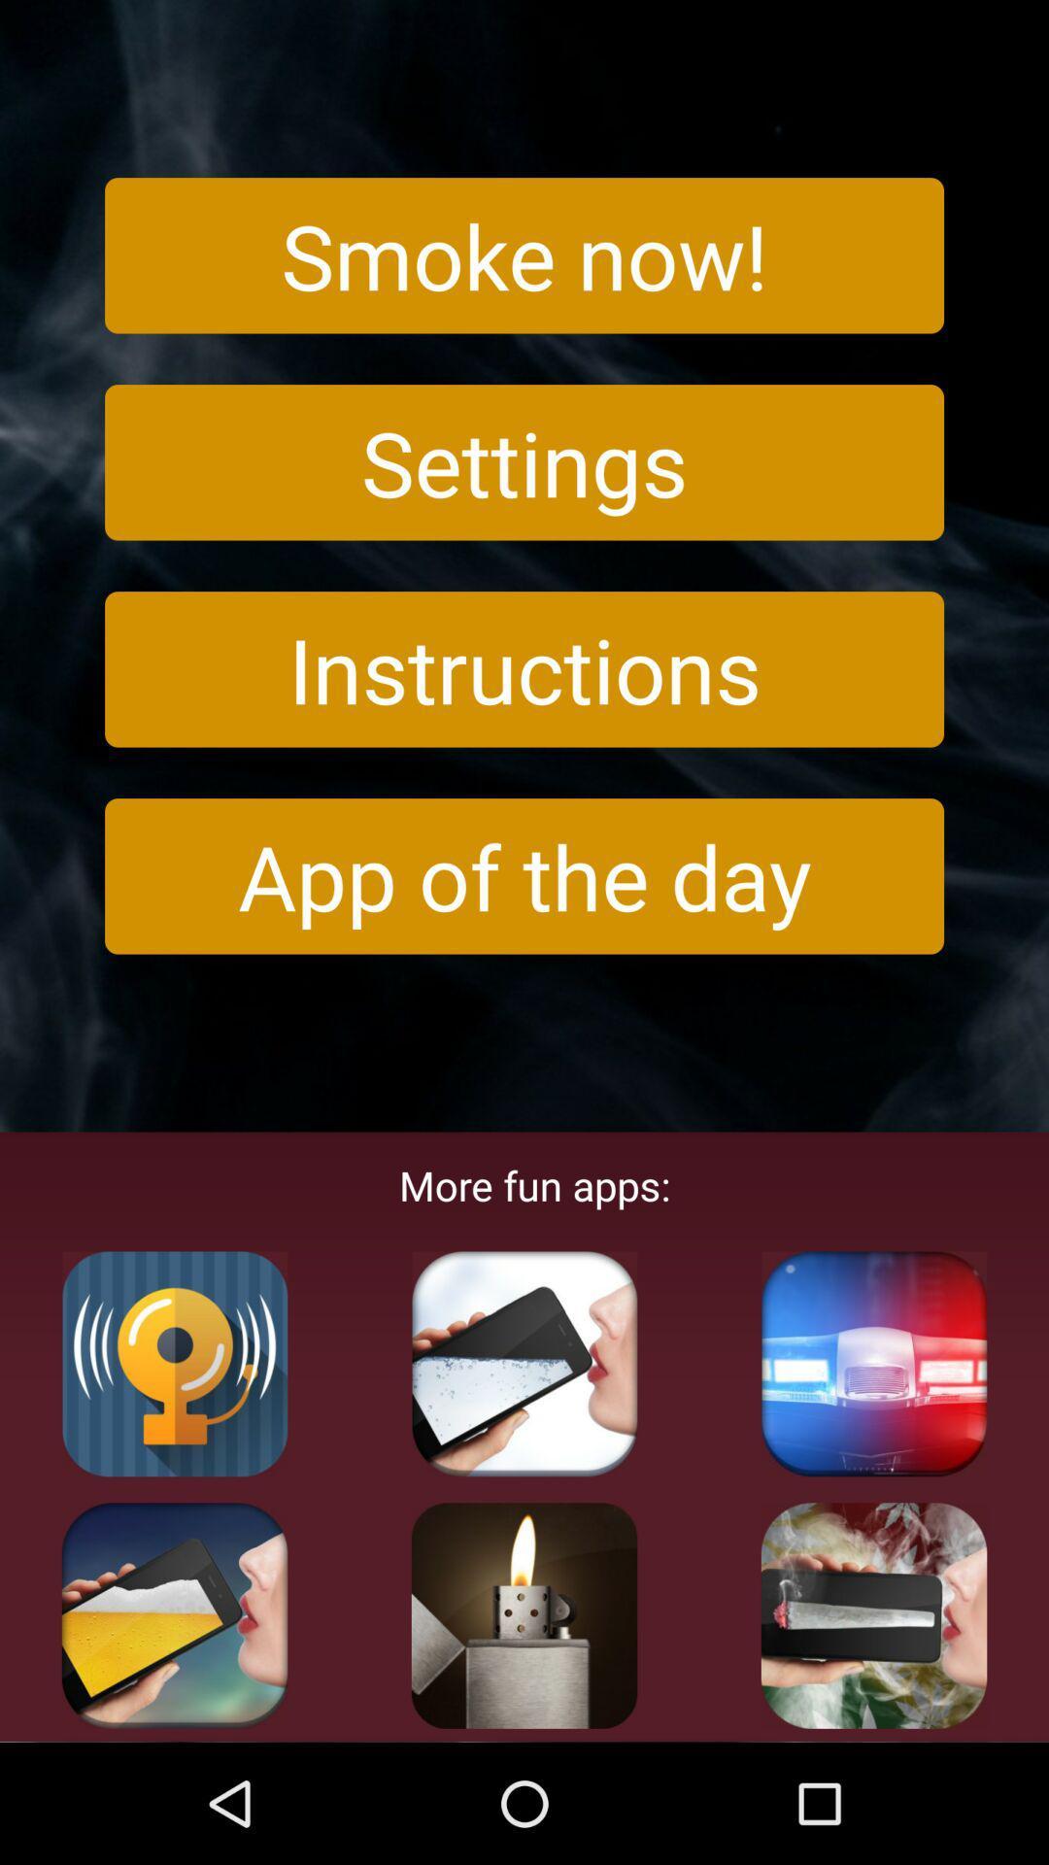  I want to click on logo, so click(872, 1363).